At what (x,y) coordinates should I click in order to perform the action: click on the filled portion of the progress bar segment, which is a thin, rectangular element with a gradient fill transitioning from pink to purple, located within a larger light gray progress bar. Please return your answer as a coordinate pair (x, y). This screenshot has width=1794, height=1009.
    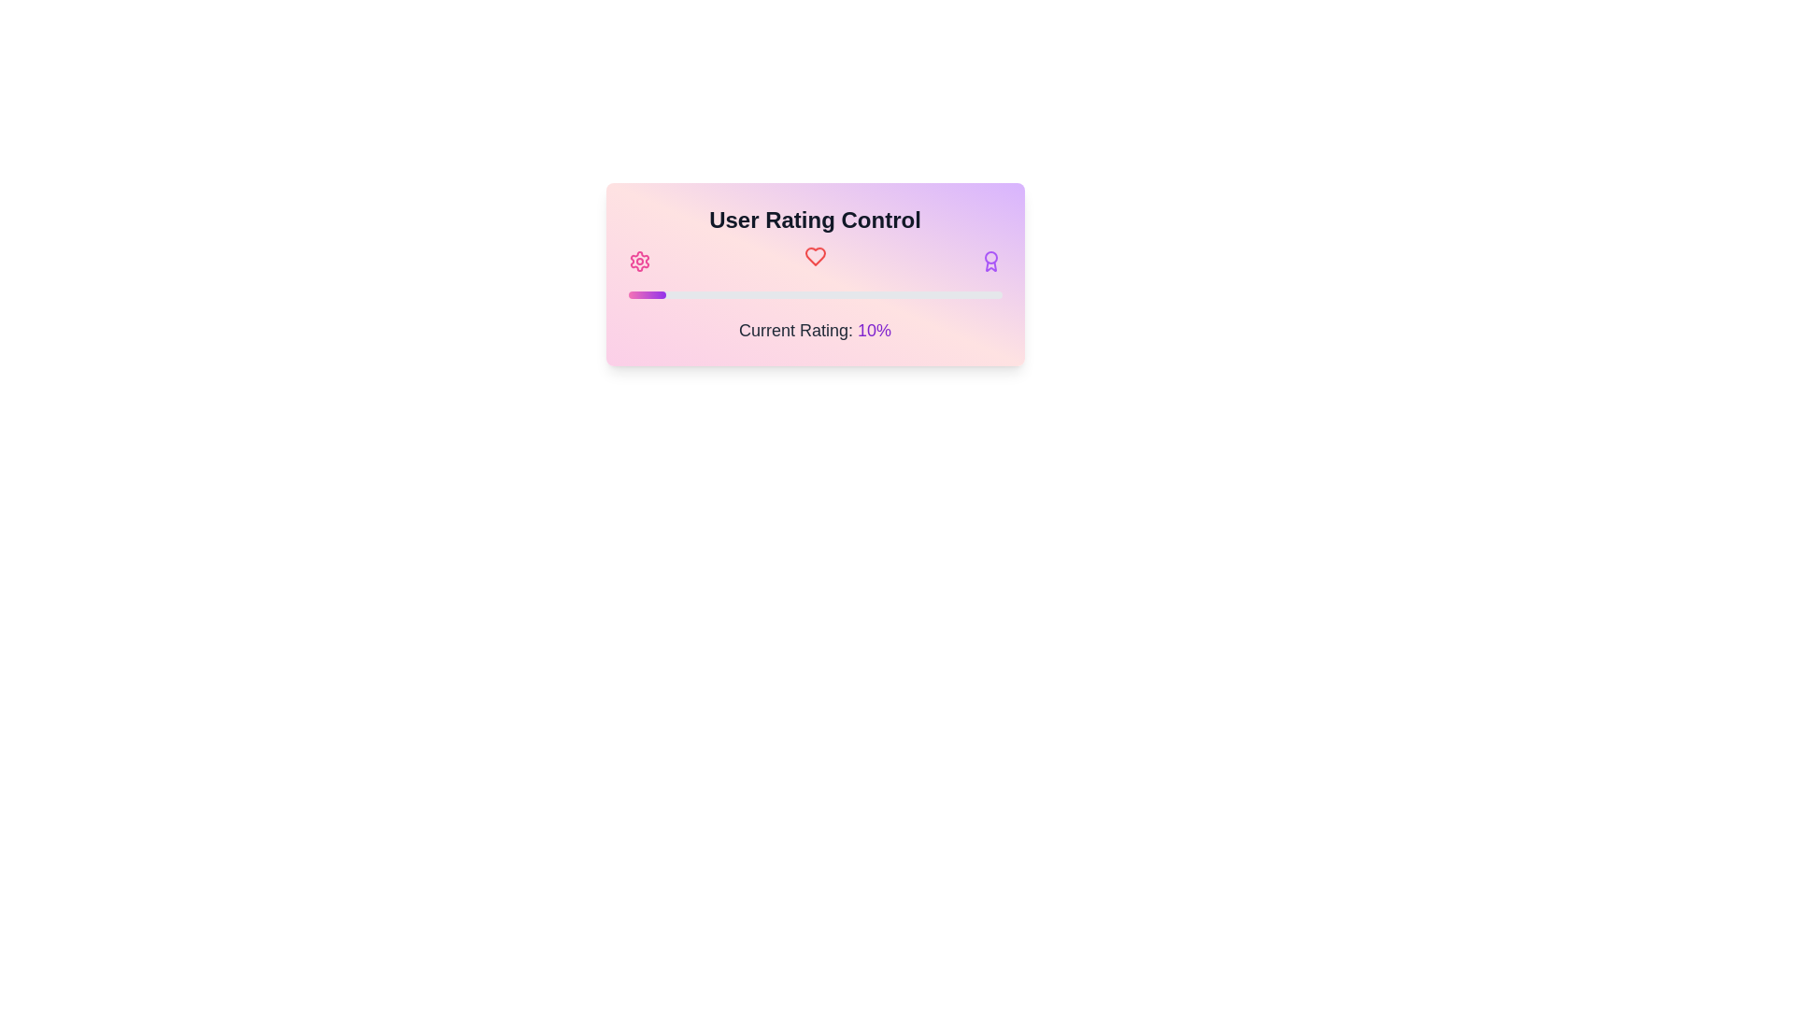
    Looking at the image, I should click on (647, 294).